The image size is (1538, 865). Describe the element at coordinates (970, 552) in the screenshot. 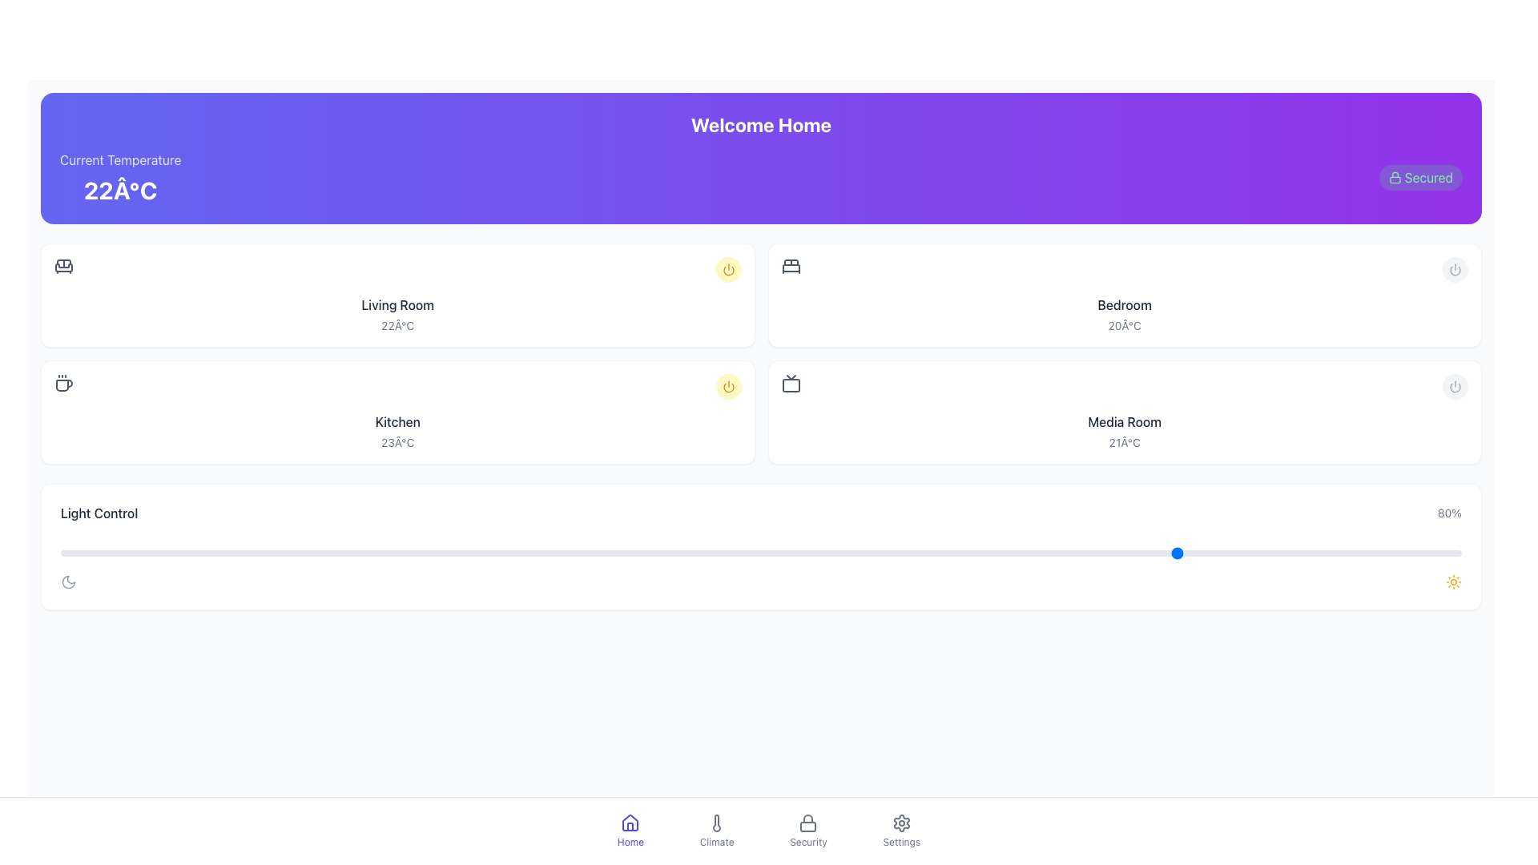

I see `the slider` at that location.